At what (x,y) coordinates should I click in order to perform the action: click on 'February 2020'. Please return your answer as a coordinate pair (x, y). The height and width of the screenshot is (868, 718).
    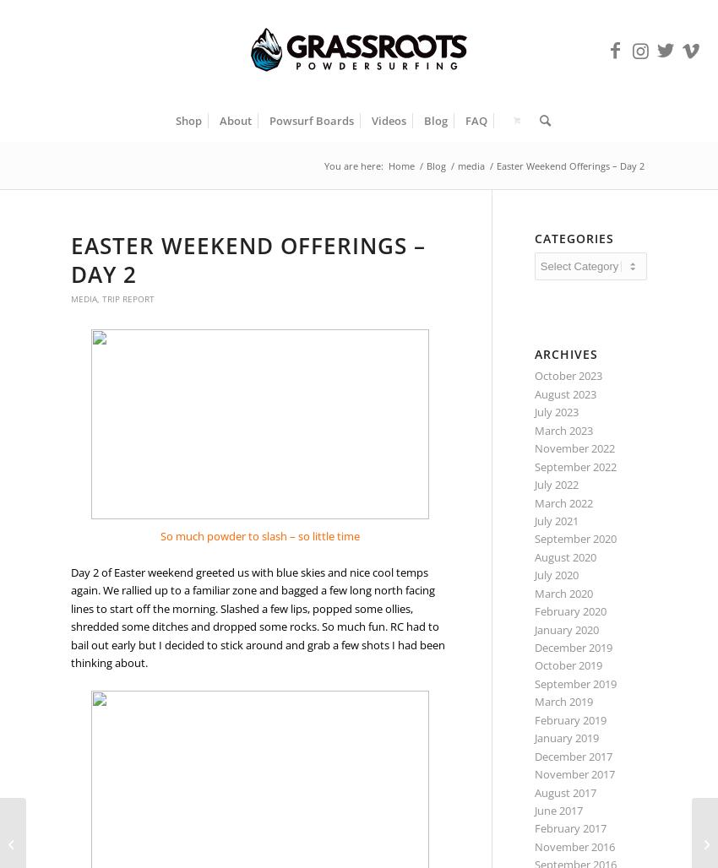
    Looking at the image, I should click on (532, 610).